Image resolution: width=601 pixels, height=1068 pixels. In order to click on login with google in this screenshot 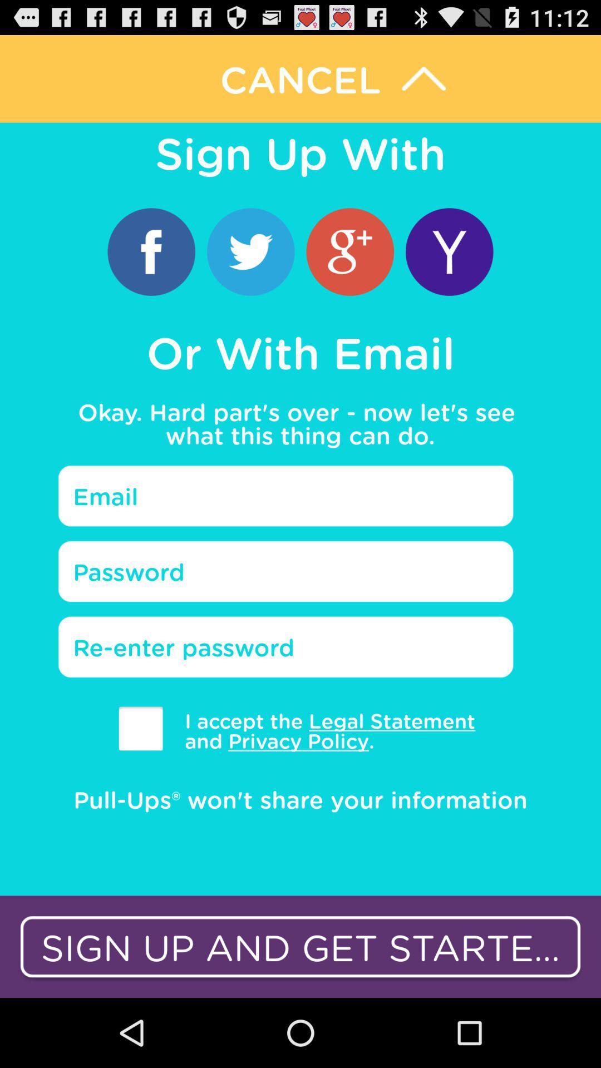, I will do `click(349, 251)`.